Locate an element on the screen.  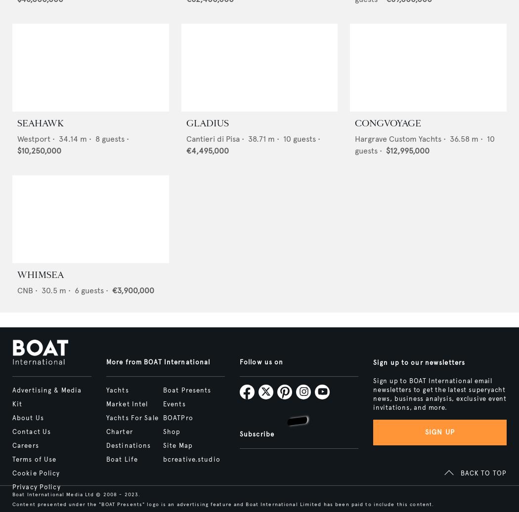
'Events' is located at coordinates (173, 404).